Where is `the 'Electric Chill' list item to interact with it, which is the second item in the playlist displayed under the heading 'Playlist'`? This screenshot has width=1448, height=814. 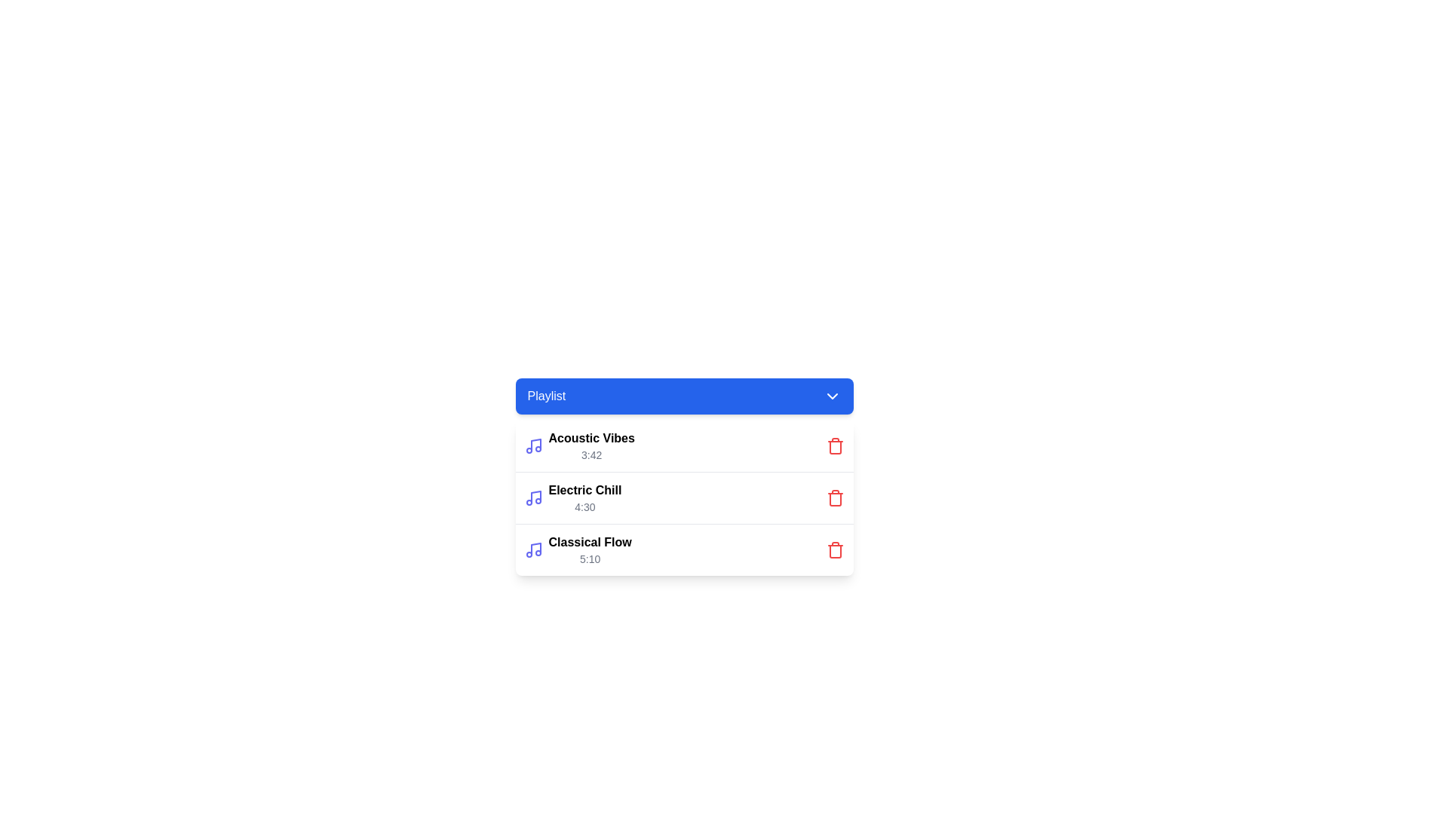
the 'Electric Chill' list item to interact with it, which is the second item in the playlist displayed under the heading 'Playlist' is located at coordinates (584, 497).